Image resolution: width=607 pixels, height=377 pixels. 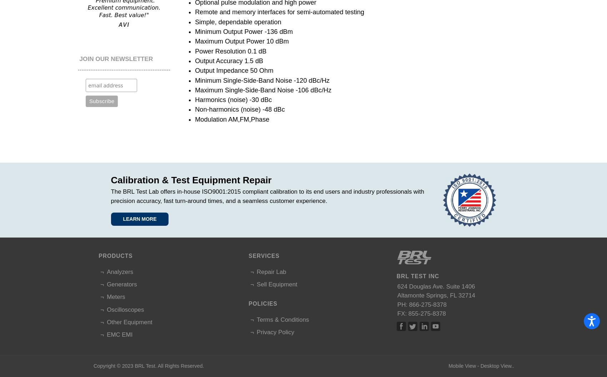 I want to click on 'Minimum Output Power -136 dBm', so click(x=195, y=31).